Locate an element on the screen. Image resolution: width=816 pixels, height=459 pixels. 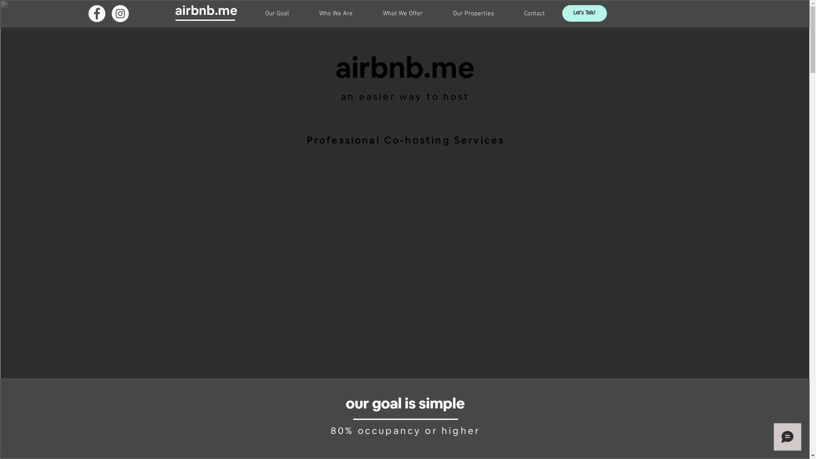
'Our Goal' is located at coordinates (277, 13).